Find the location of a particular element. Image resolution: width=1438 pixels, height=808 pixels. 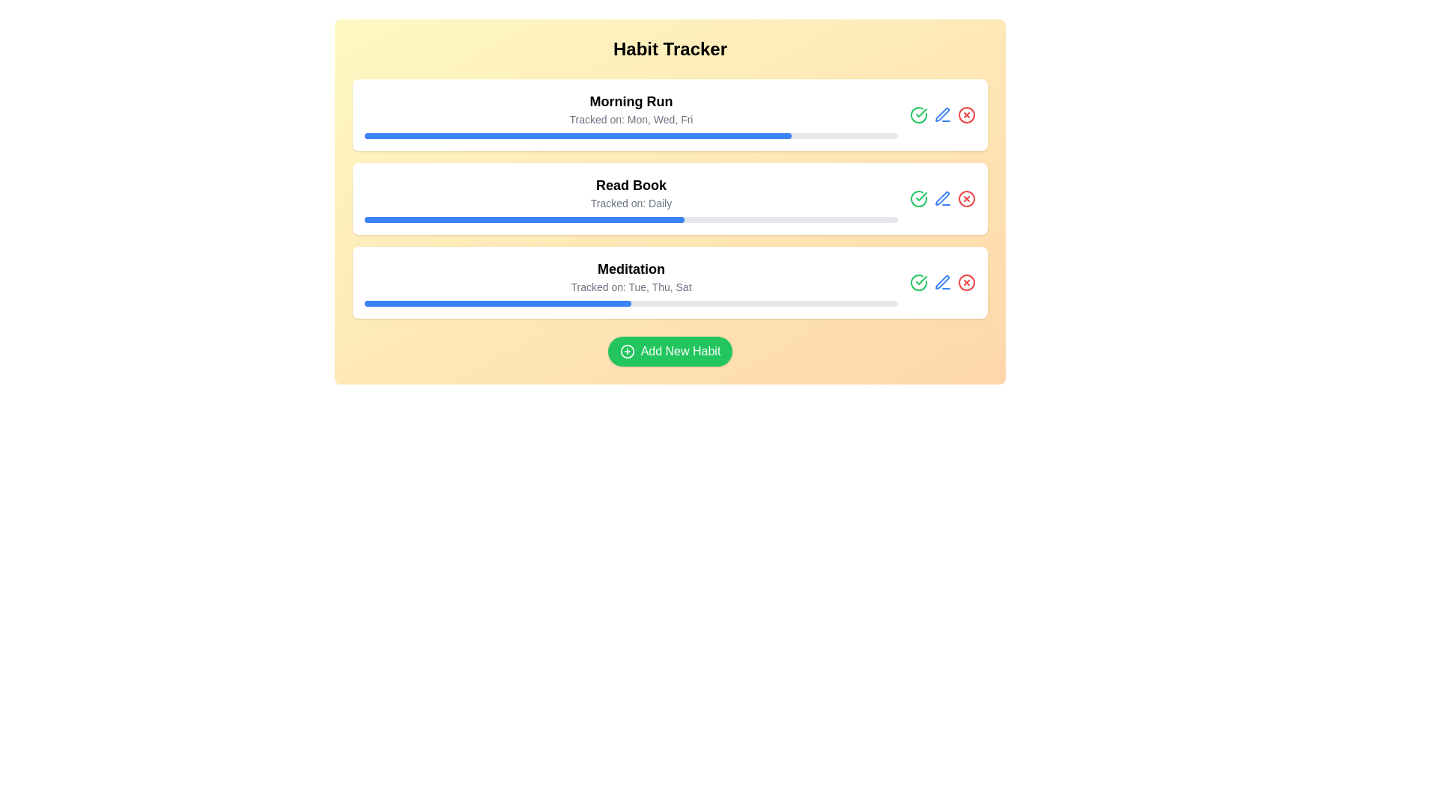

the delete button associated with the 'Read Book' entry, which is the third action icon in the options section is located at coordinates (967, 198).